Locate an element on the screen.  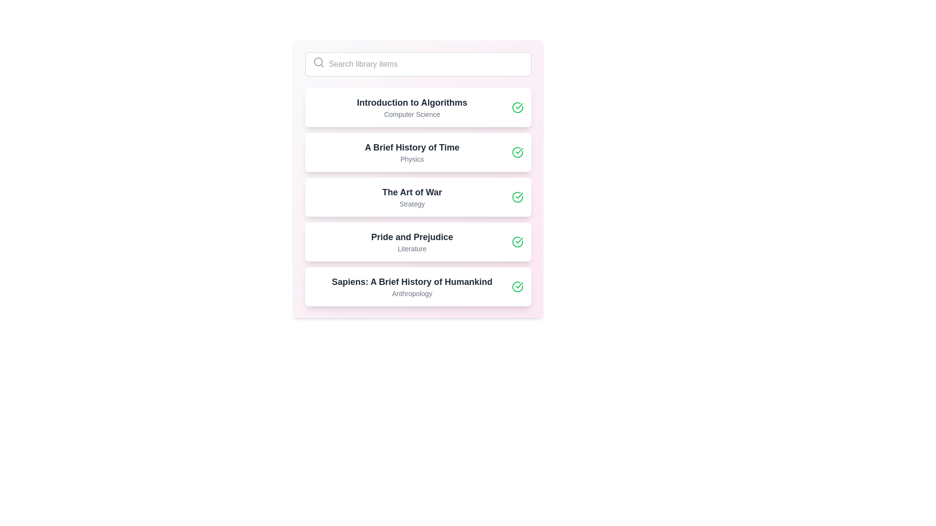
text from the Text label element titled 'Sapiens: A Brief History of Humankind' with the subtitle 'Anthropology', which is located at the bottommost position of the list view is located at coordinates (412, 286).